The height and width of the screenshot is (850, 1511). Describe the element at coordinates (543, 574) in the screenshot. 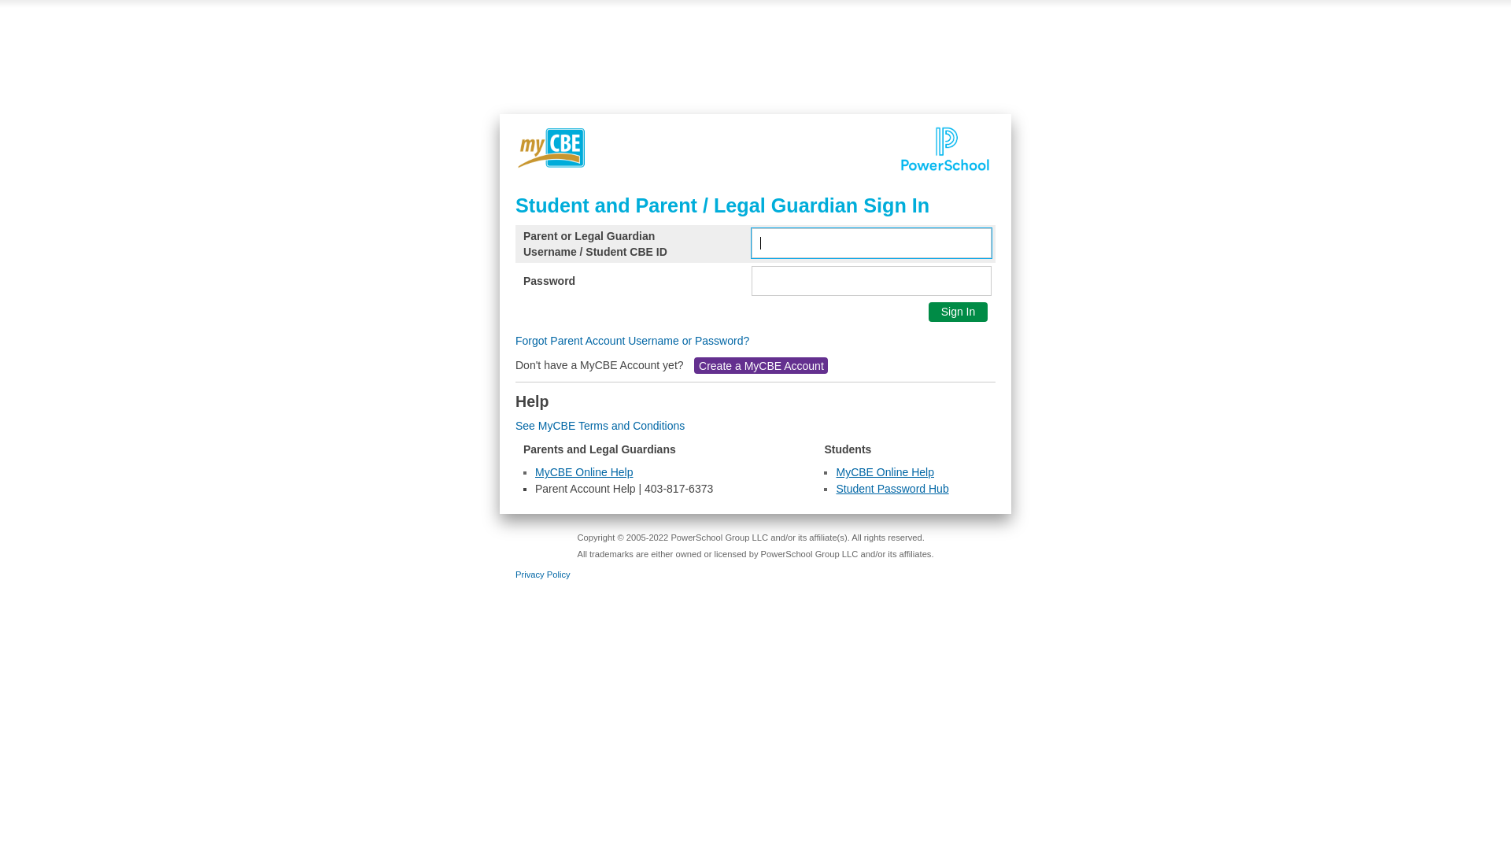

I see `'Privacy Policy'` at that location.